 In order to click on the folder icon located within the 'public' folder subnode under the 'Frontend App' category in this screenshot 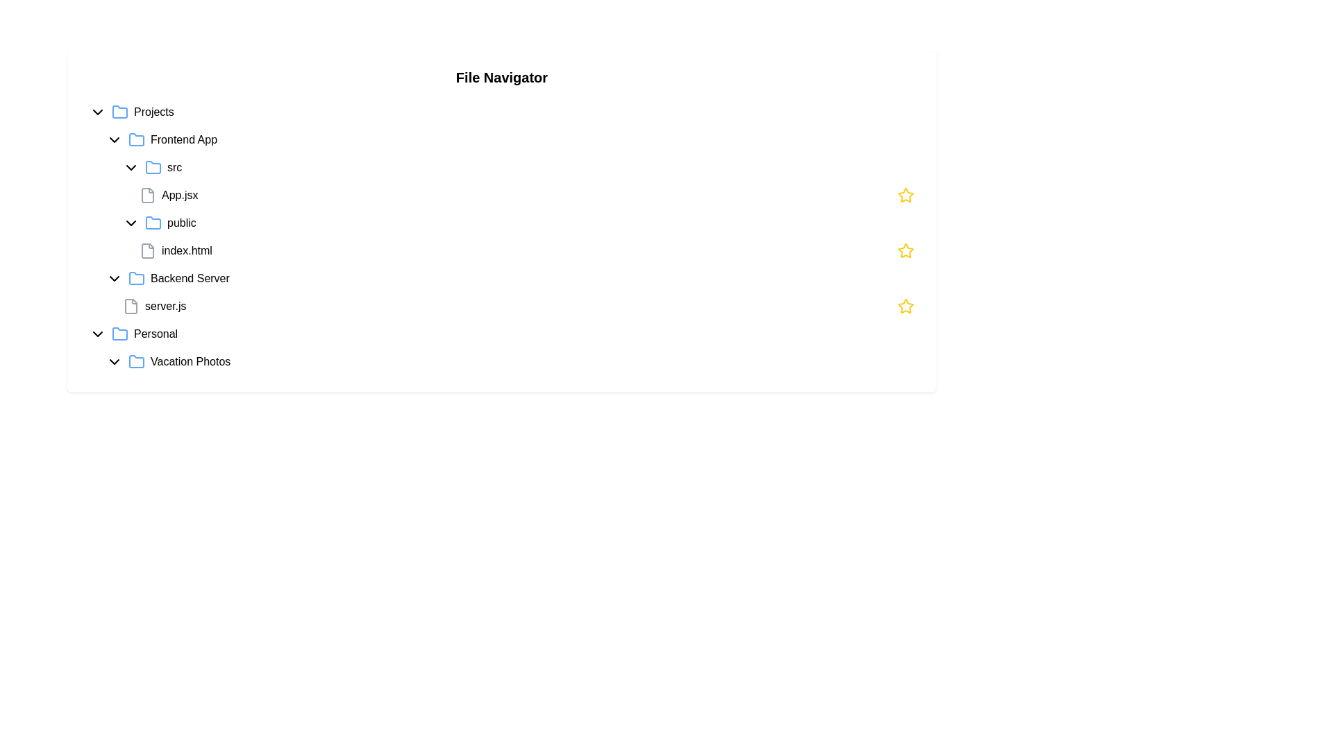, I will do `click(153, 222)`.